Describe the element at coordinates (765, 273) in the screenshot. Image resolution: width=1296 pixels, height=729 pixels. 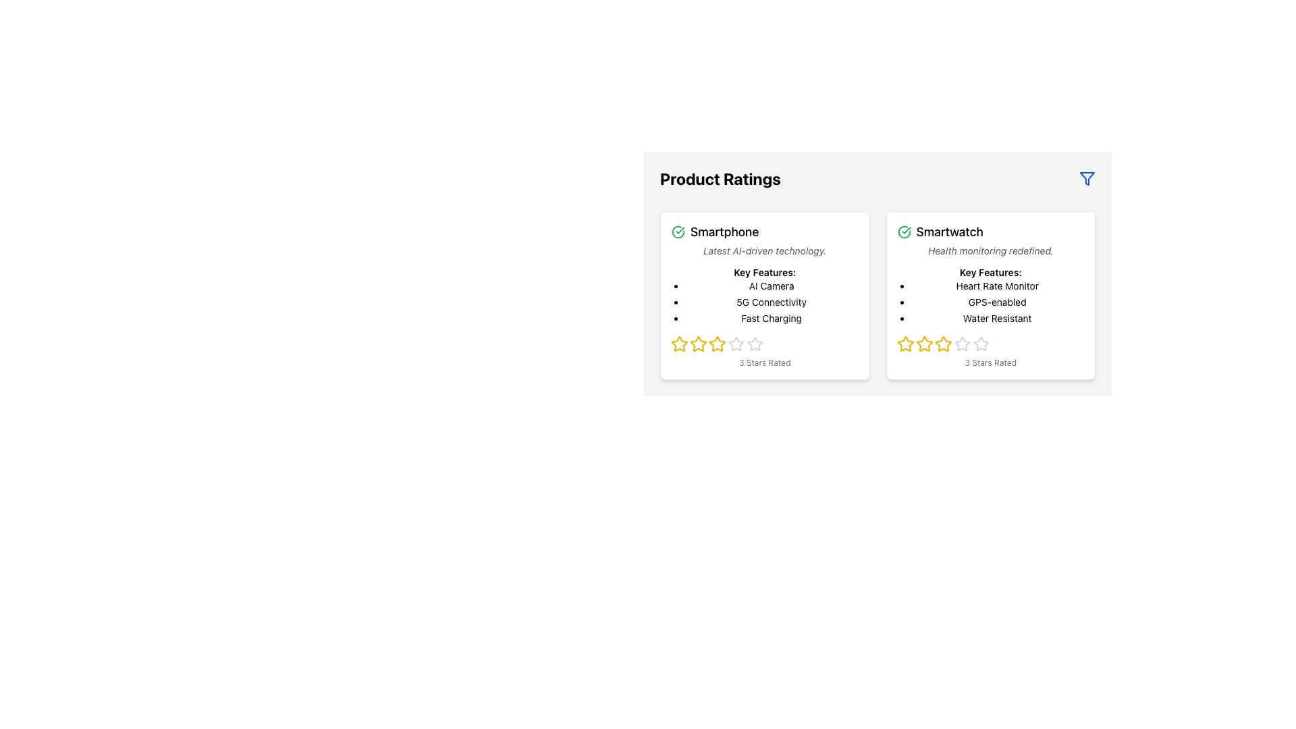
I see `the text label or heading located under the subtitle 'Latest AI-driven technology' and above the bullet points 'AI Camera', '5G Connectivity', and 'Fast Charging'` at that location.